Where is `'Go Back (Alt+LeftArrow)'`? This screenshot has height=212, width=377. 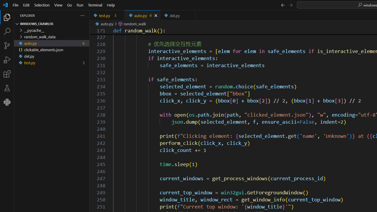
'Go Back (Alt+LeftArrow)' is located at coordinates (283, 5).